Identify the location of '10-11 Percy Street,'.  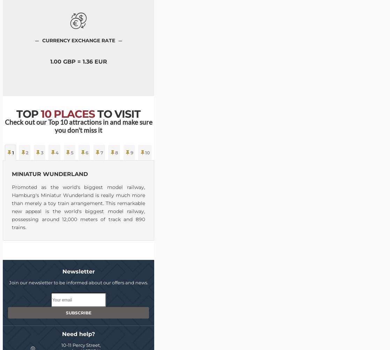
(81, 344).